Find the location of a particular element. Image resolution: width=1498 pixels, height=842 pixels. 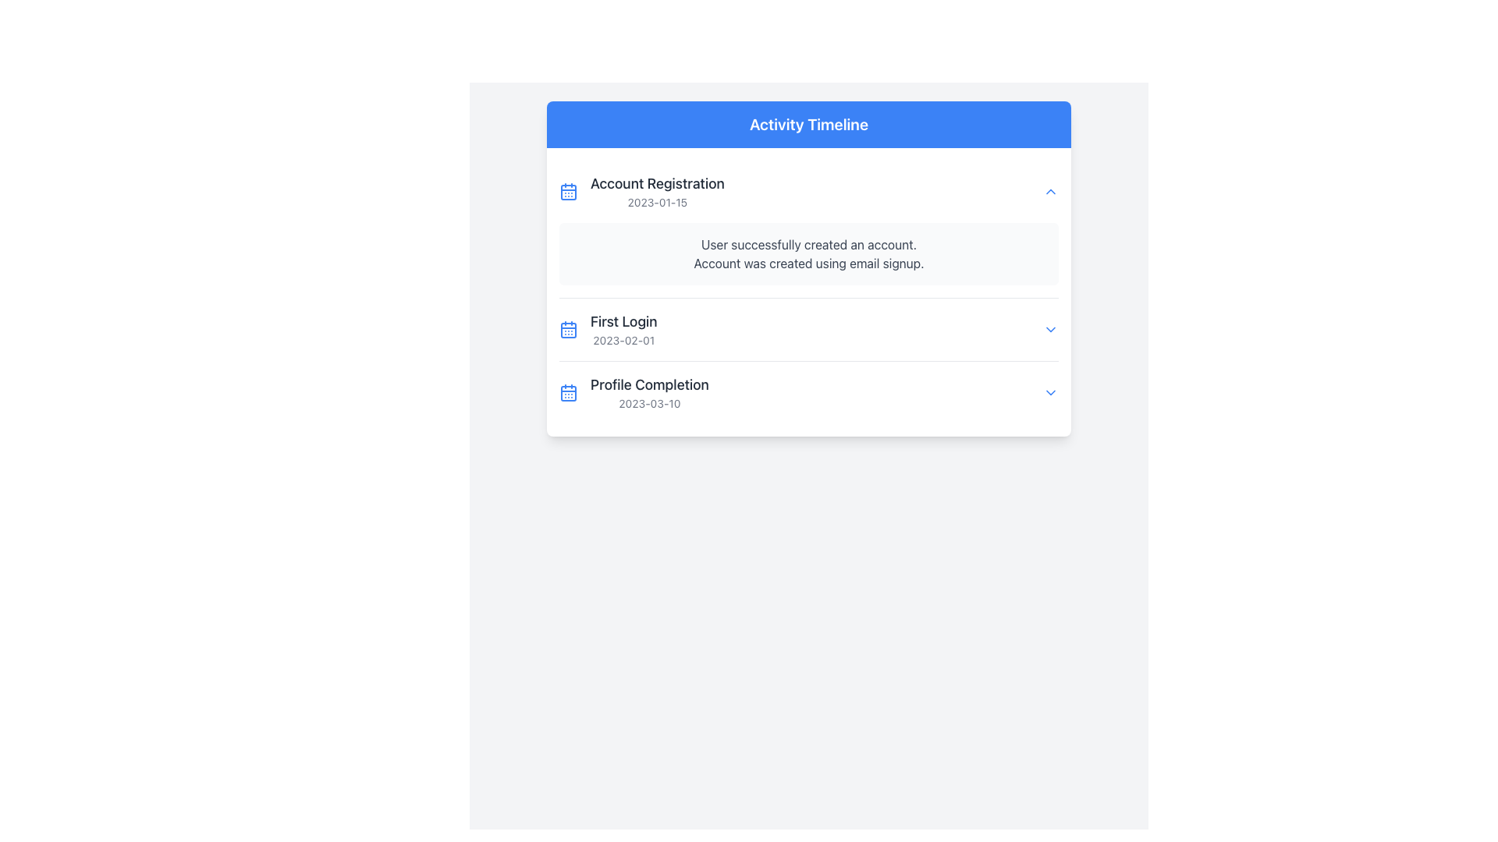

text from the header bar titled 'Activity Timeline', which has a bright blue background and white bold text centered in it is located at coordinates (808, 123).